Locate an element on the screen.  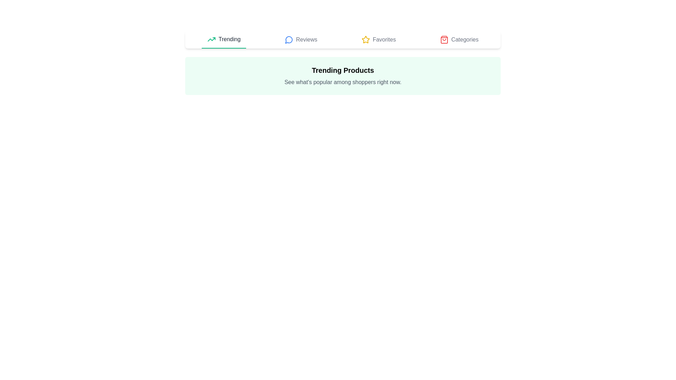
the 'Categories' text label, which is the fourth option in the horizontal navigation menu is located at coordinates (459, 39).